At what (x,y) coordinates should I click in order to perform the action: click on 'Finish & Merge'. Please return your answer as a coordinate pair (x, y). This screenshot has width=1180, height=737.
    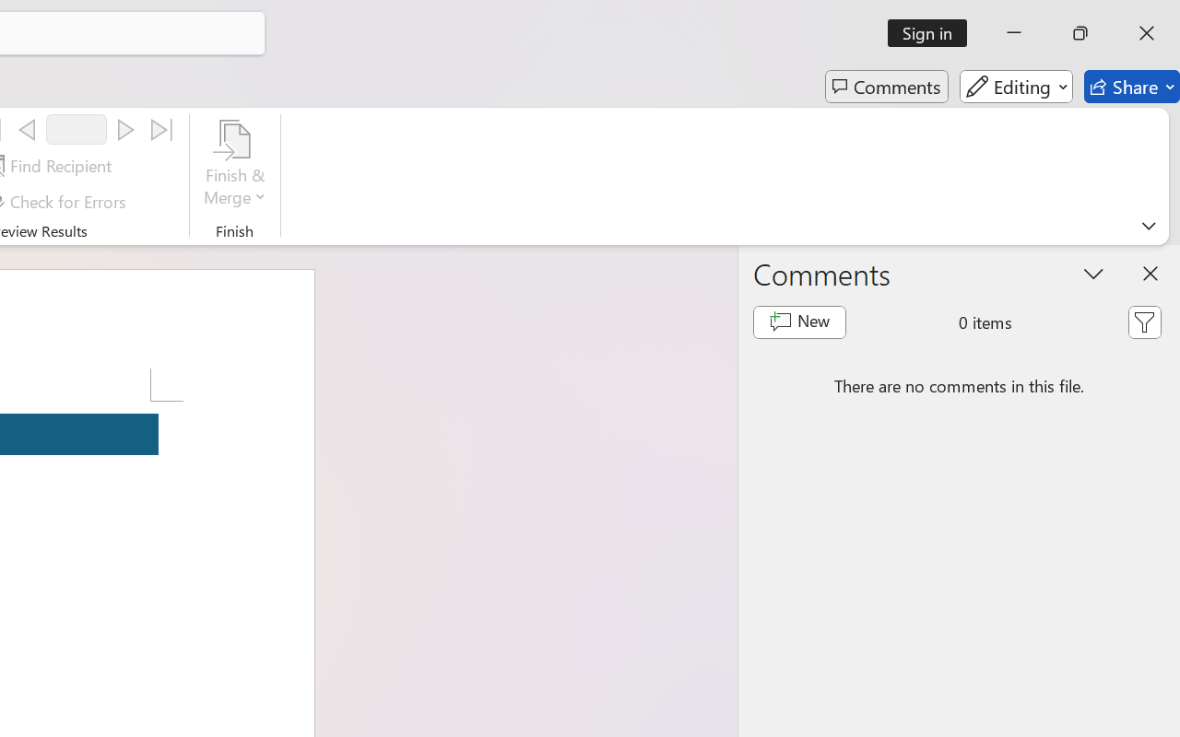
    Looking at the image, I should click on (234, 165).